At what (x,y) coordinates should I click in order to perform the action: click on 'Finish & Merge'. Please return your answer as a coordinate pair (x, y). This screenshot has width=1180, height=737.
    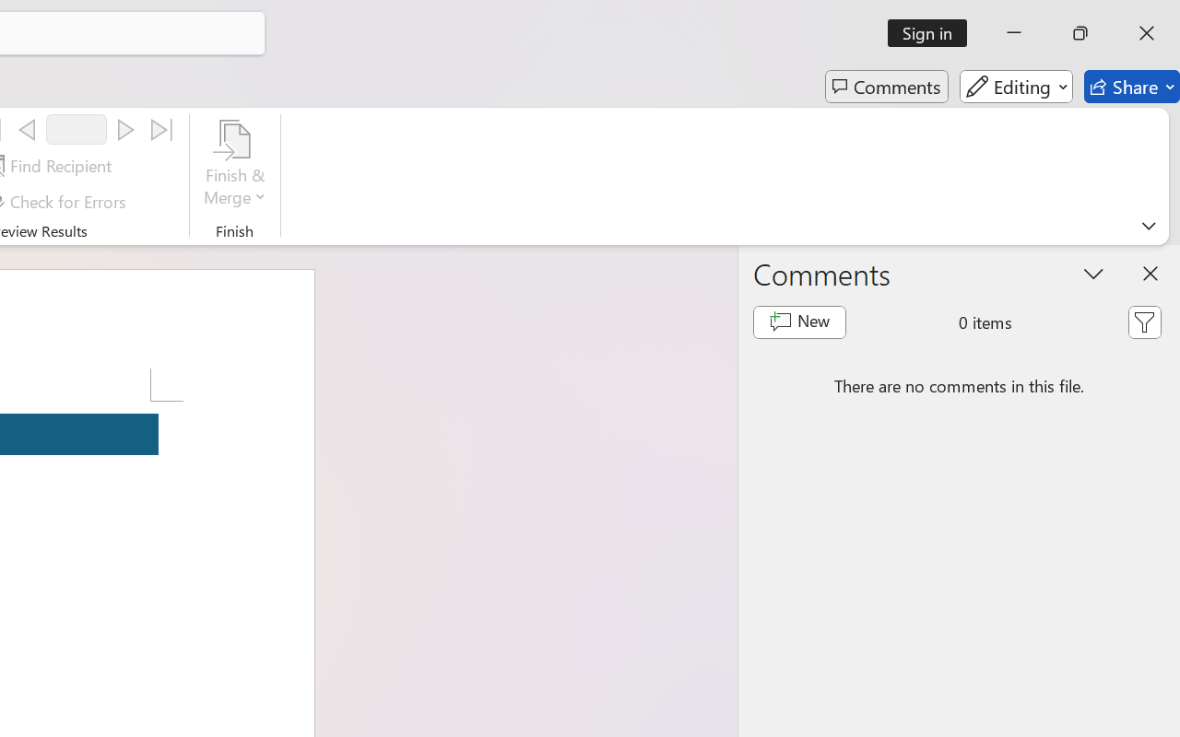
    Looking at the image, I should click on (234, 165).